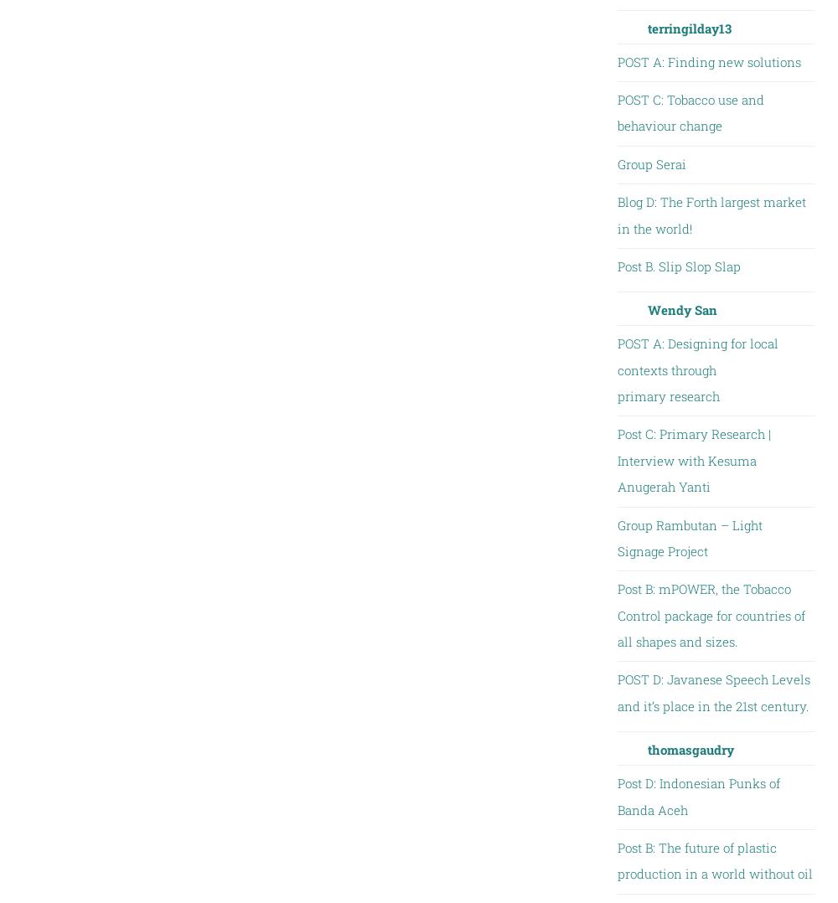 The width and height of the screenshot is (838, 903). I want to click on 'Post D: Indonesian Punks of Banda Aceh', so click(697, 795).